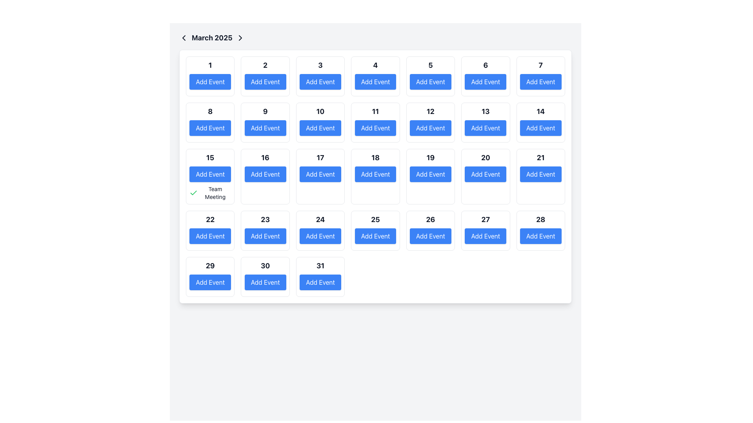  Describe the element at coordinates (540, 174) in the screenshot. I see `the blue rectangular button with rounded corners labeled 'Add Event' located in the grid for March 21st to initiate adding an event` at that location.